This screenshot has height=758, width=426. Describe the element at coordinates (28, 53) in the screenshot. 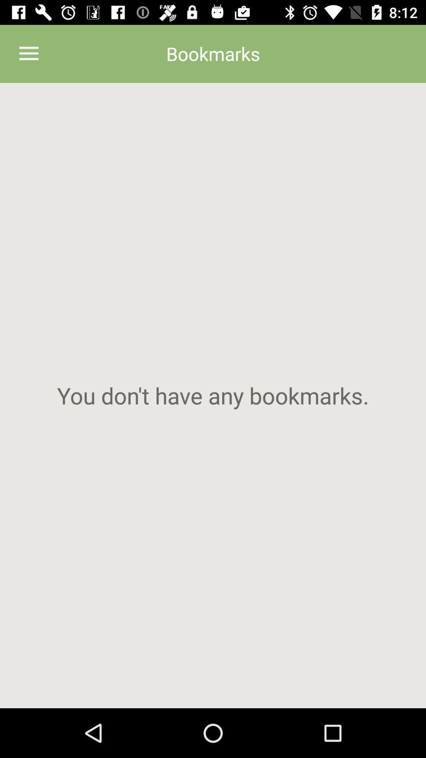

I see `the item at the top left corner` at that location.